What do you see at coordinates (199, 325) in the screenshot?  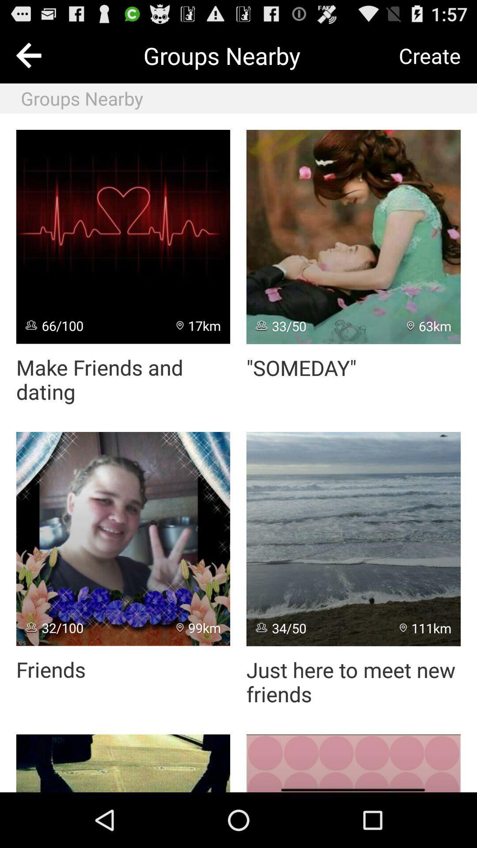 I see `the app next to the 66/100 icon` at bounding box center [199, 325].